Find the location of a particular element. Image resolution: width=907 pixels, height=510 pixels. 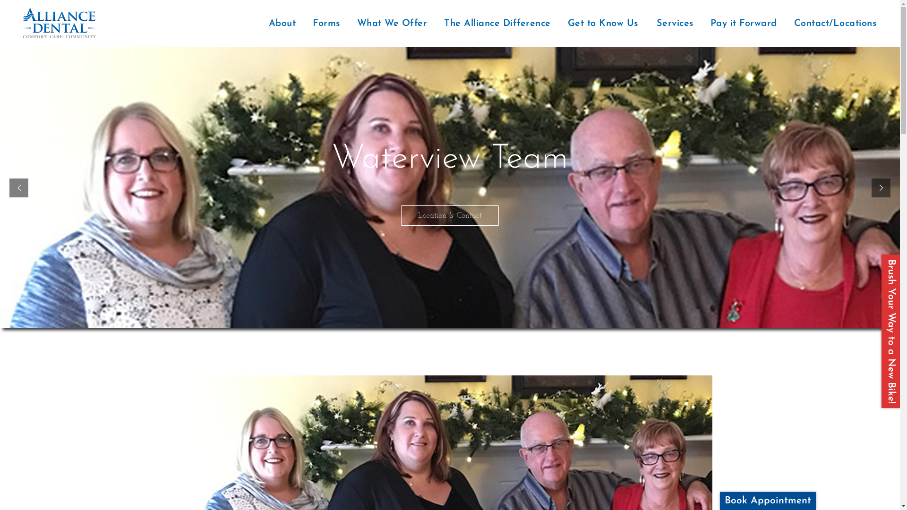

'Services' is located at coordinates (674, 23).